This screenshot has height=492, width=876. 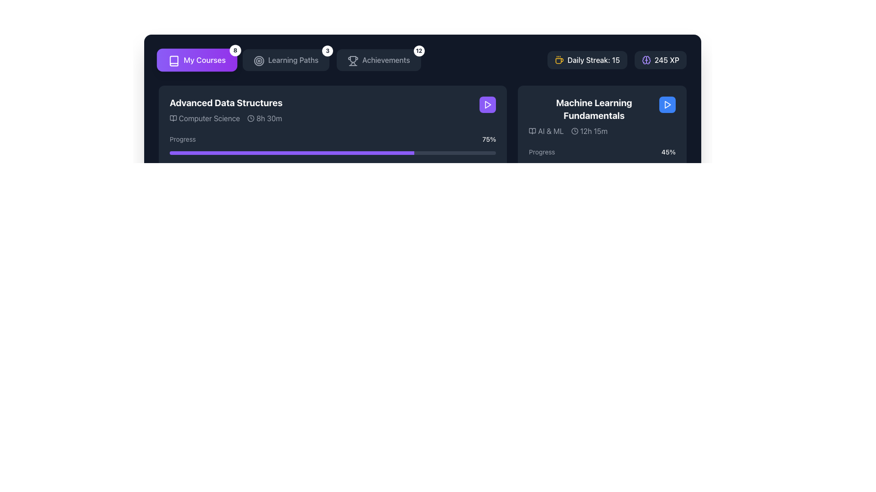 What do you see at coordinates (587, 60) in the screenshot?
I see `the informational label that displays the user's daily streak count, which is the first of two horizontally arranged elements in the top-right corner of the interface` at bounding box center [587, 60].